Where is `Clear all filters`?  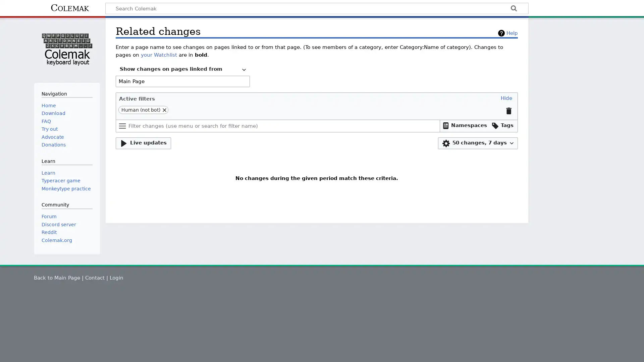 Clear all filters is located at coordinates (508, 110).